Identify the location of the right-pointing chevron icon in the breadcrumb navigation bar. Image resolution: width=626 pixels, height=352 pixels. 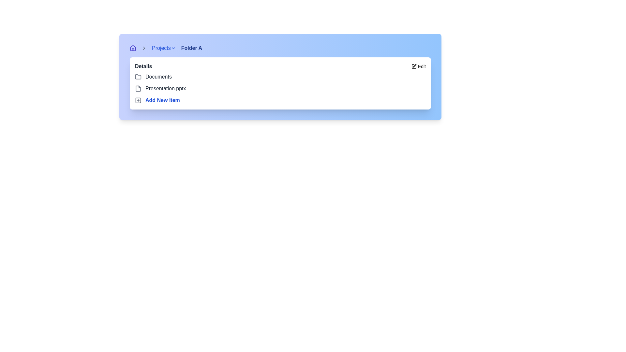
(143, 48).